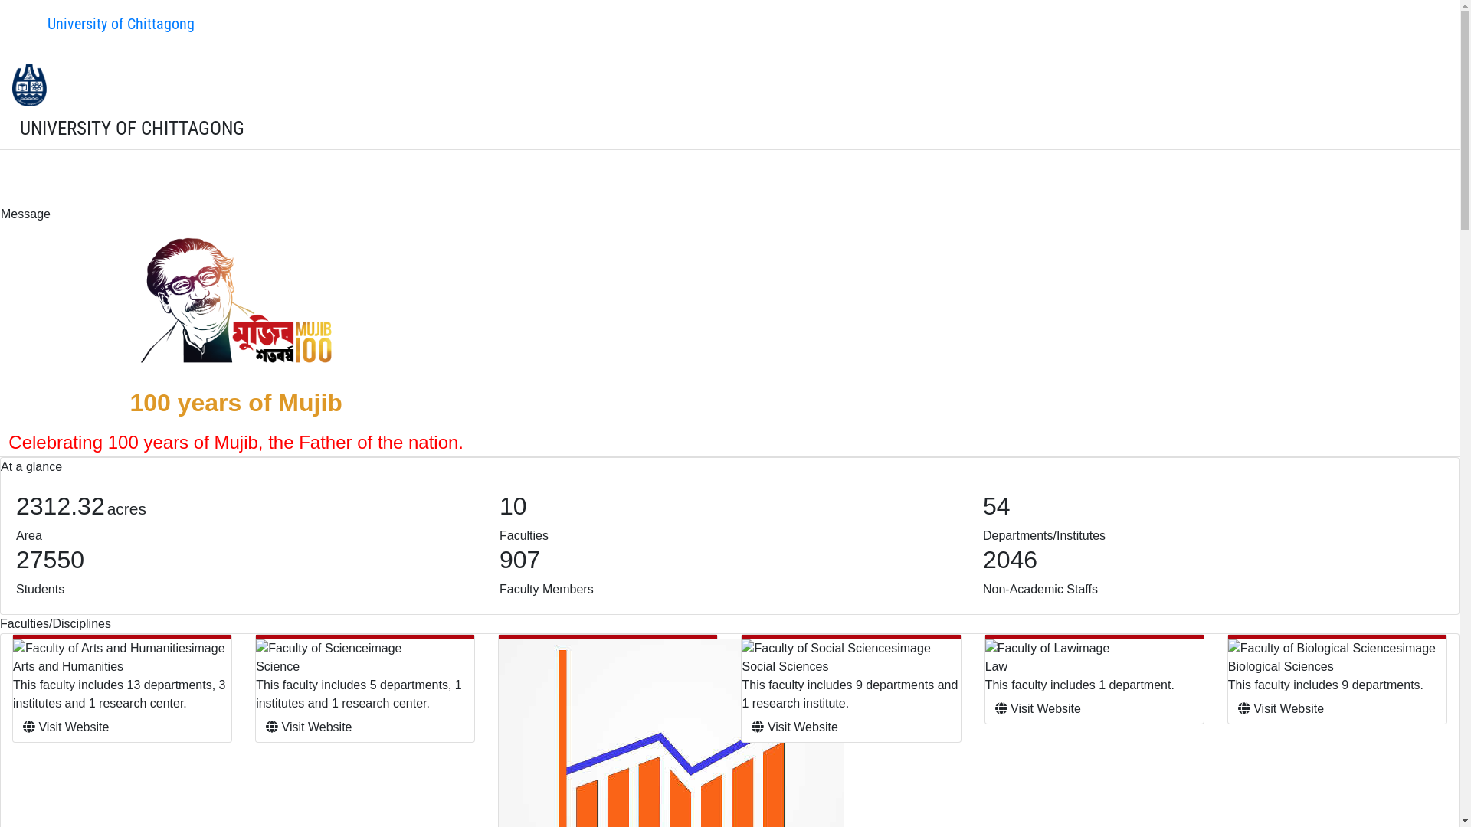 This screenshot has width=1471, height=827. I want to click on 'University of Chittagong', so click(106, 23).